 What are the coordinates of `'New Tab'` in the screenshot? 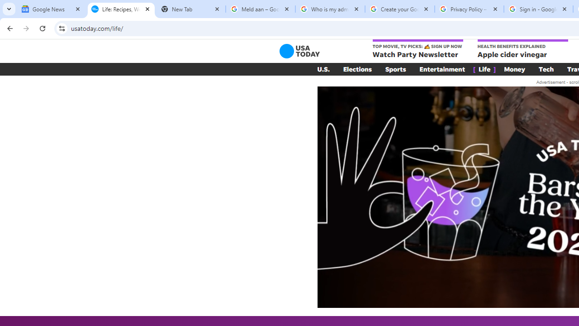 It's located at (190, 9).